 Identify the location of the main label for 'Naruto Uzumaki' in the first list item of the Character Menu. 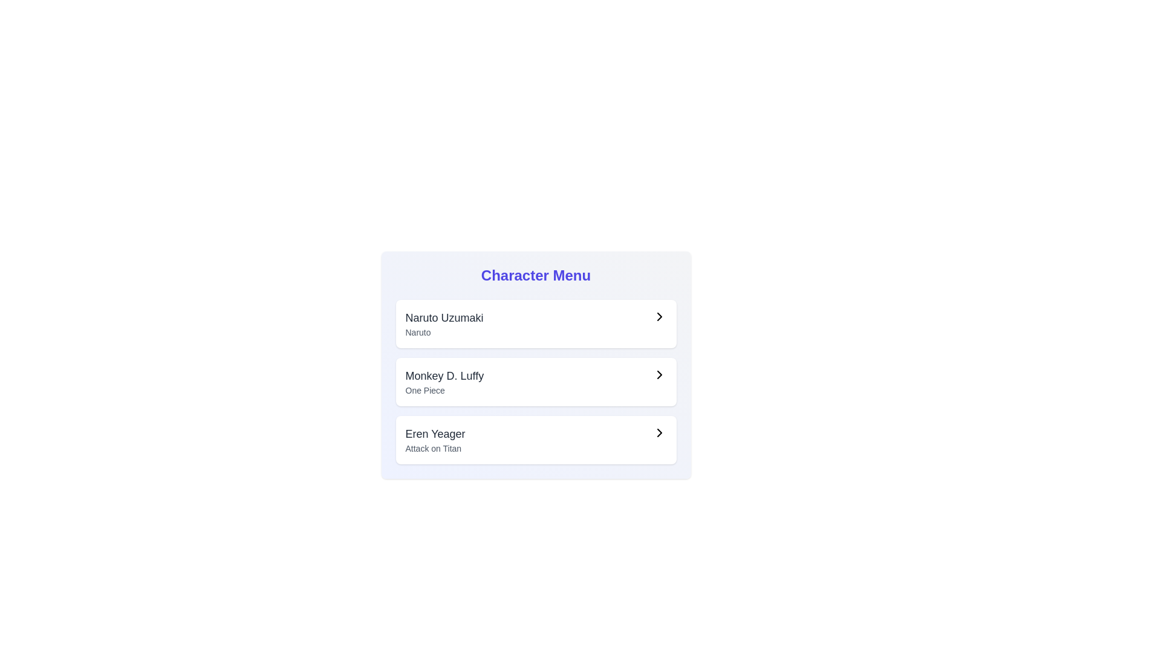
(443, 317).